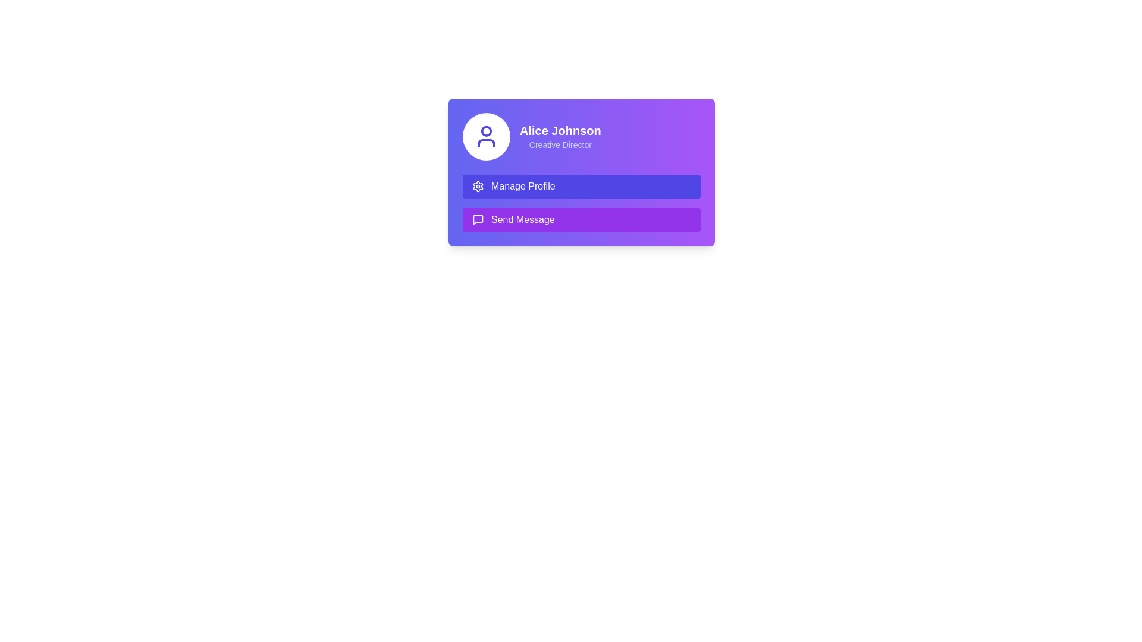 Image resolution: width=1142 pixels, height=642 pixels. I want to click on the button located below the 'Manage Profile' button, so click(582, 220).